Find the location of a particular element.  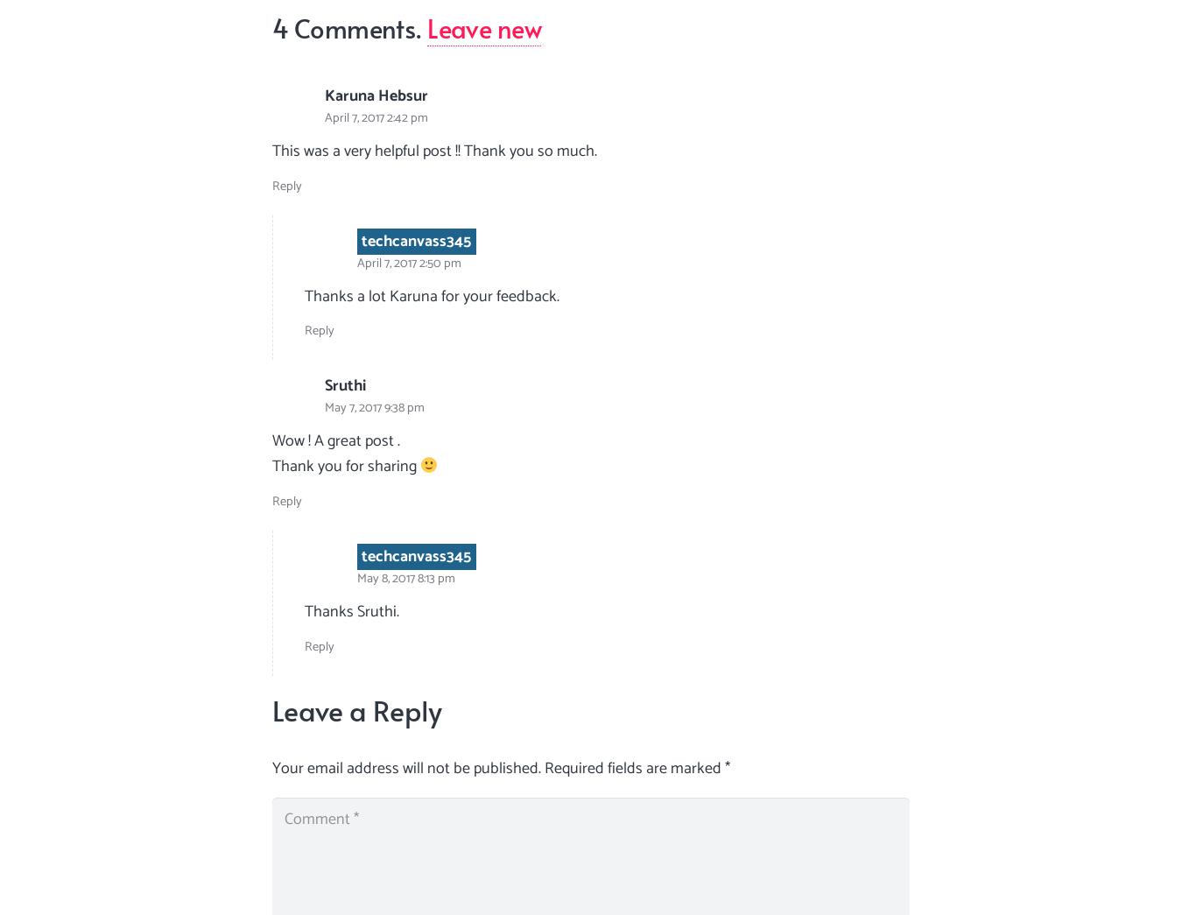

'Thanks Sruthi.' is located at coordinates (352, 609).